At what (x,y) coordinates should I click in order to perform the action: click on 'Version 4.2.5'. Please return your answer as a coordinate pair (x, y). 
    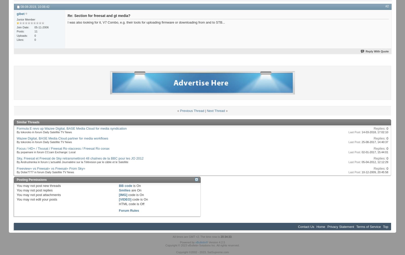
    Looking at the image, I should click on (216, 242).